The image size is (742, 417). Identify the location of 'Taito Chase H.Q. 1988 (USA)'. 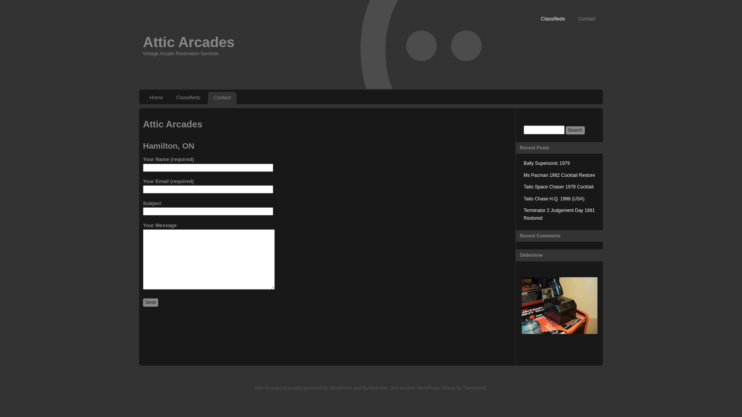
(553, 198).